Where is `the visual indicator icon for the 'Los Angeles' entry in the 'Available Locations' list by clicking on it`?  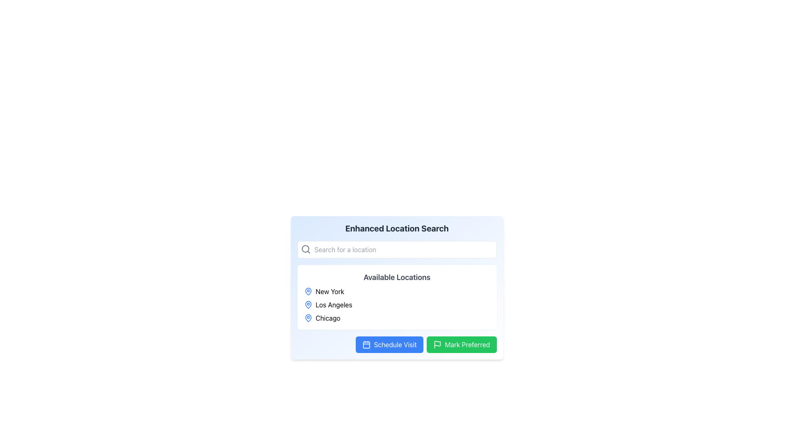
the visual indicator icon for the 'Los Angeles' entry in the 'Available Locations' list by clicking on it is located at coordinates (308, 305).